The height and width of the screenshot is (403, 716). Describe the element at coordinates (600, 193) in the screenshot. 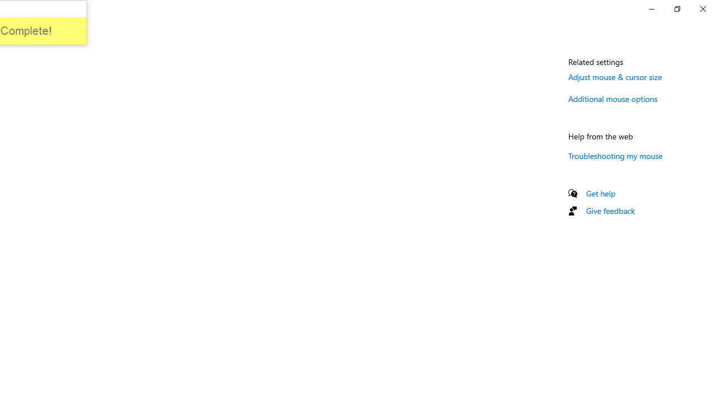

I see `'Get help'` at that location.